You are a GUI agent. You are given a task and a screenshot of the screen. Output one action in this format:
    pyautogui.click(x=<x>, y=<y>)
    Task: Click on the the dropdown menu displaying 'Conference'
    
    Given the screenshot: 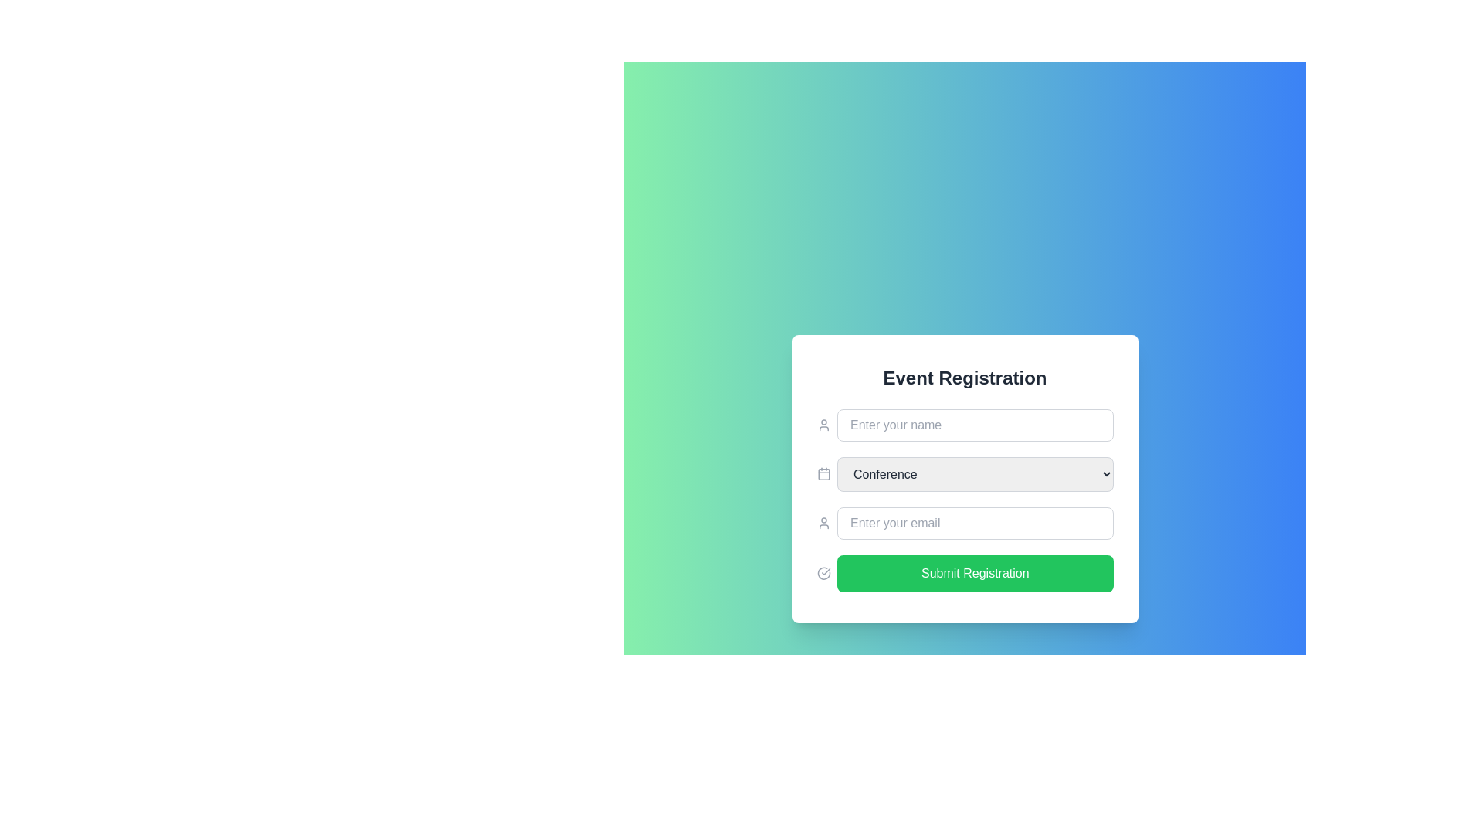 What is the action you would take?
    pyautogui.click(x=964, y=500)
    